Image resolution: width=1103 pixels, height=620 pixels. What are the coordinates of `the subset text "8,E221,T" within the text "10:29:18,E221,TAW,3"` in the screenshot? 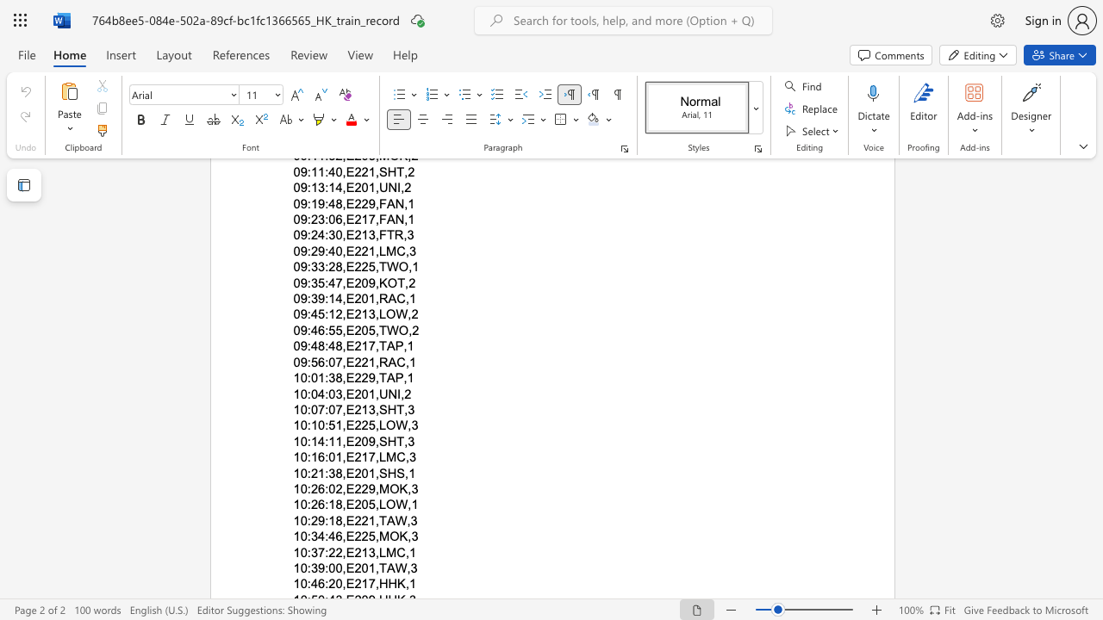 It's located at (335, 519).